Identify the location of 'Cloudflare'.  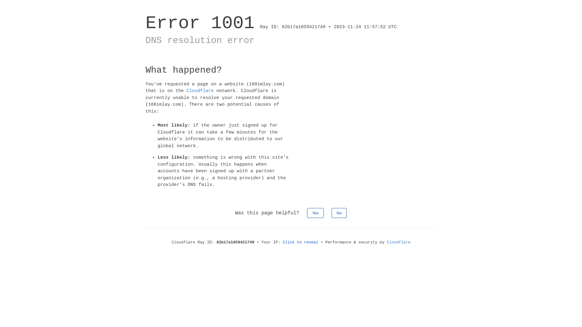
(200, 91).